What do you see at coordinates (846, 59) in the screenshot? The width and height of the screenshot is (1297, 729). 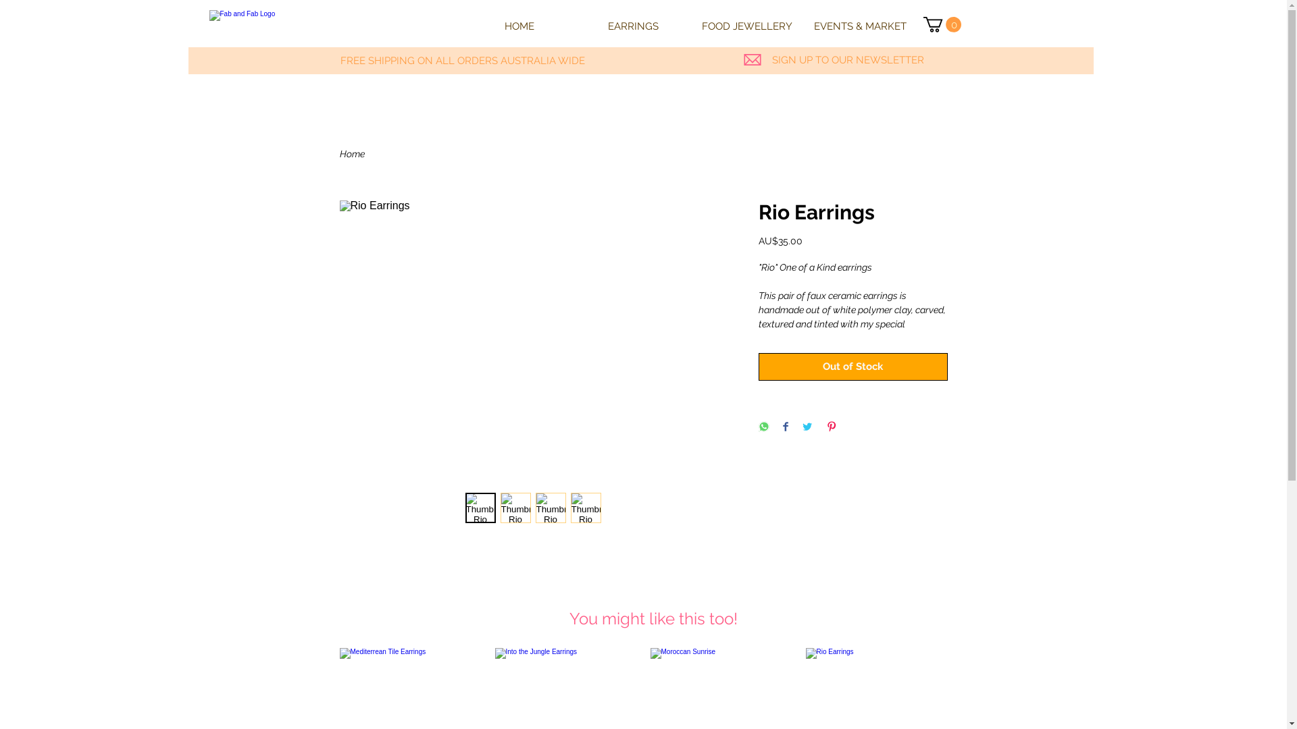 I see `'SIGN UP TO OUR NEWSLETTER'` at bounding box center [846, 59].